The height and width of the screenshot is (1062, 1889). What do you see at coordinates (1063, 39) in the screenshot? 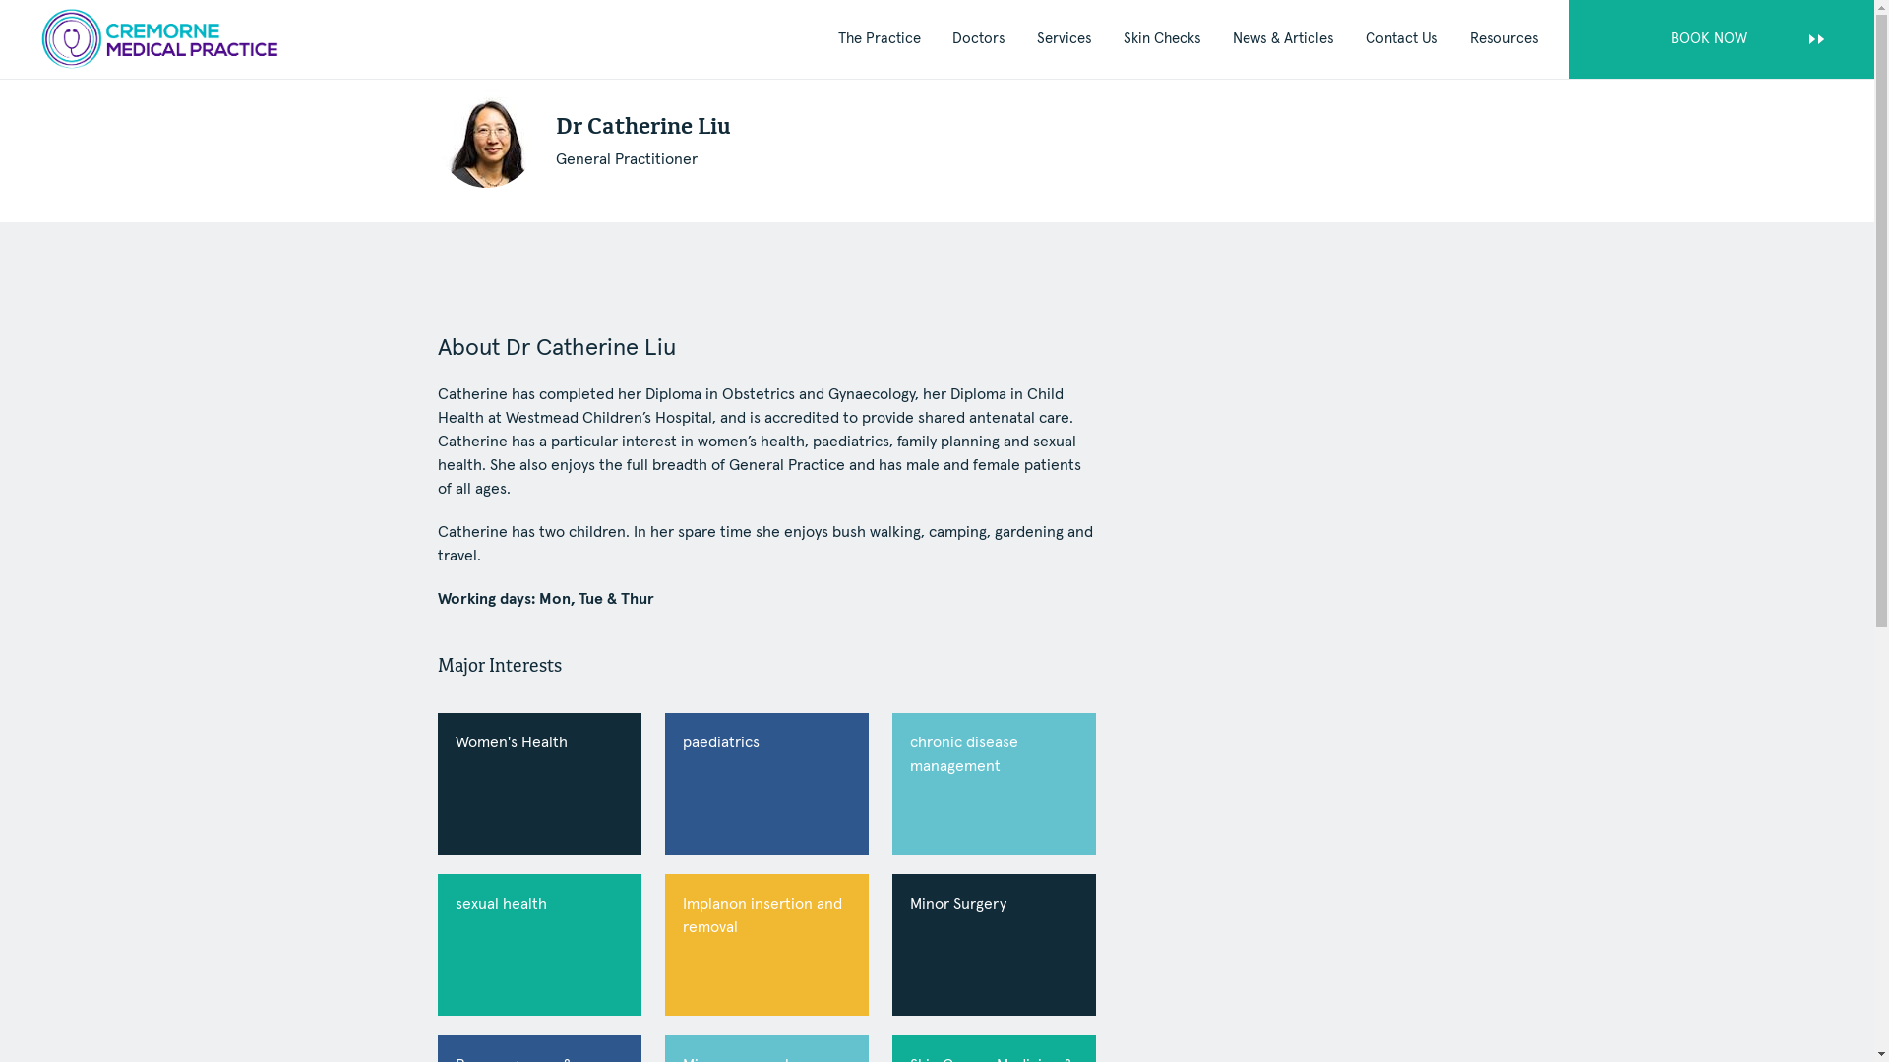
I see `'Services'` at bounding box center [1063, 39].